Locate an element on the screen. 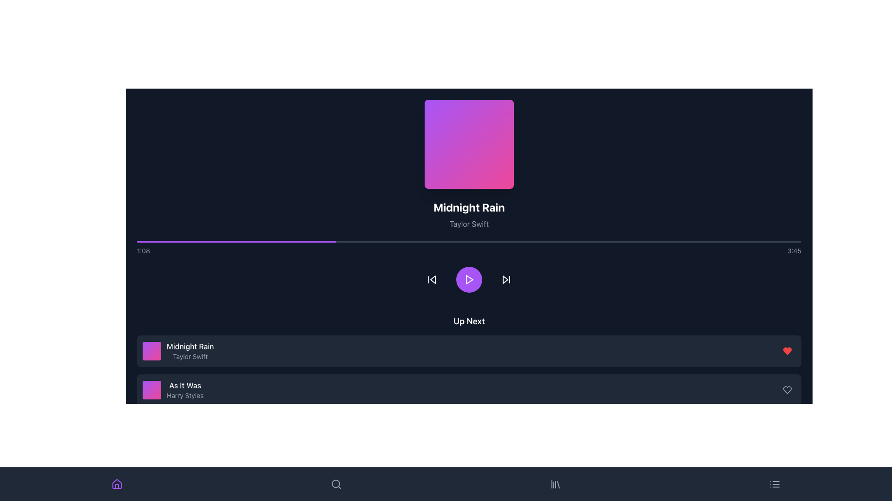 The width and height of the screenshot is (892, 501). the heart-shaped icon button located at the bottom-right corner of the navigation bar to mark a favorite is located at coordinates (787, 468).